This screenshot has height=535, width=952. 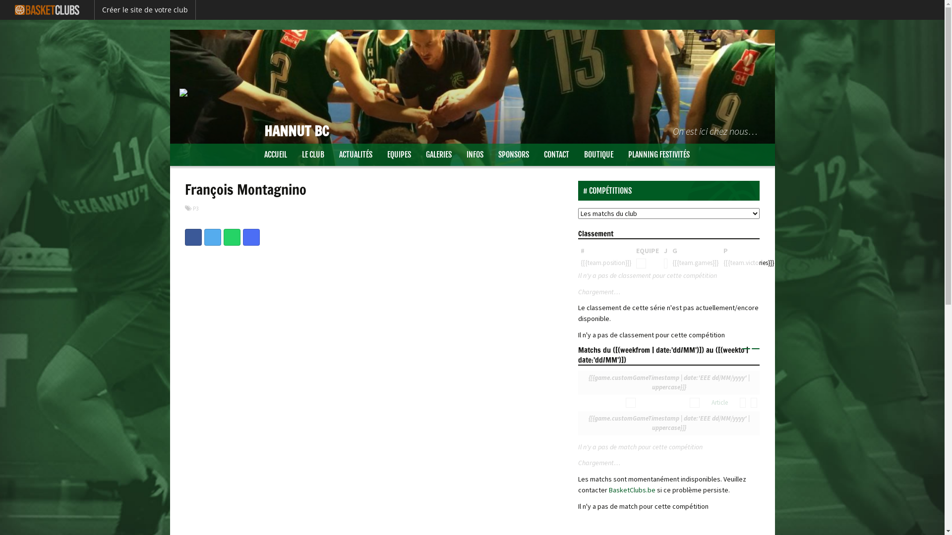 What do you see at coordinates (198, 149) in the screenshot?
I see `'Passer au contenu'` at bounding box center [198, 149].